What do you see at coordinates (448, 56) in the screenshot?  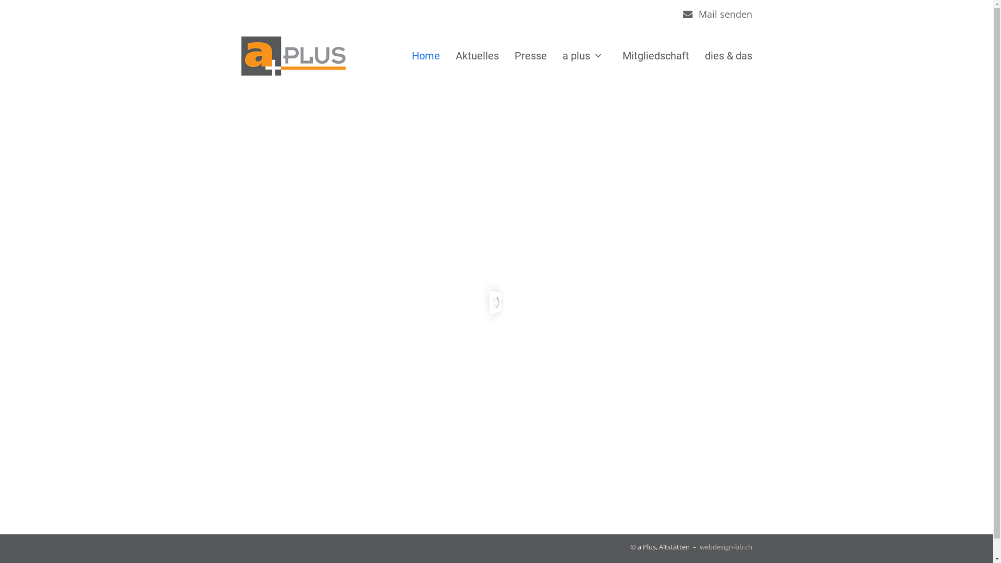 I see `'Aktuelles'` at bounding box center [448, 56].